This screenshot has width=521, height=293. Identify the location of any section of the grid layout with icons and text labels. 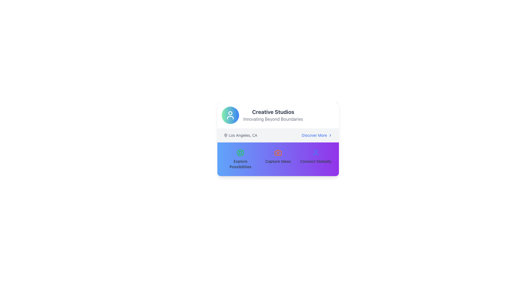
(278, 159).